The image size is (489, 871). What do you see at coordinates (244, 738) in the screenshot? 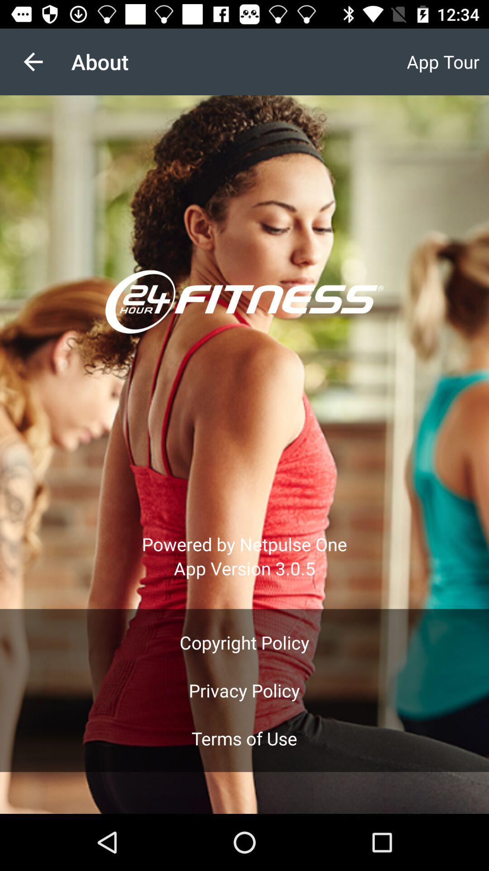
I see `the terms of use item` at bounding box center [244, 738].